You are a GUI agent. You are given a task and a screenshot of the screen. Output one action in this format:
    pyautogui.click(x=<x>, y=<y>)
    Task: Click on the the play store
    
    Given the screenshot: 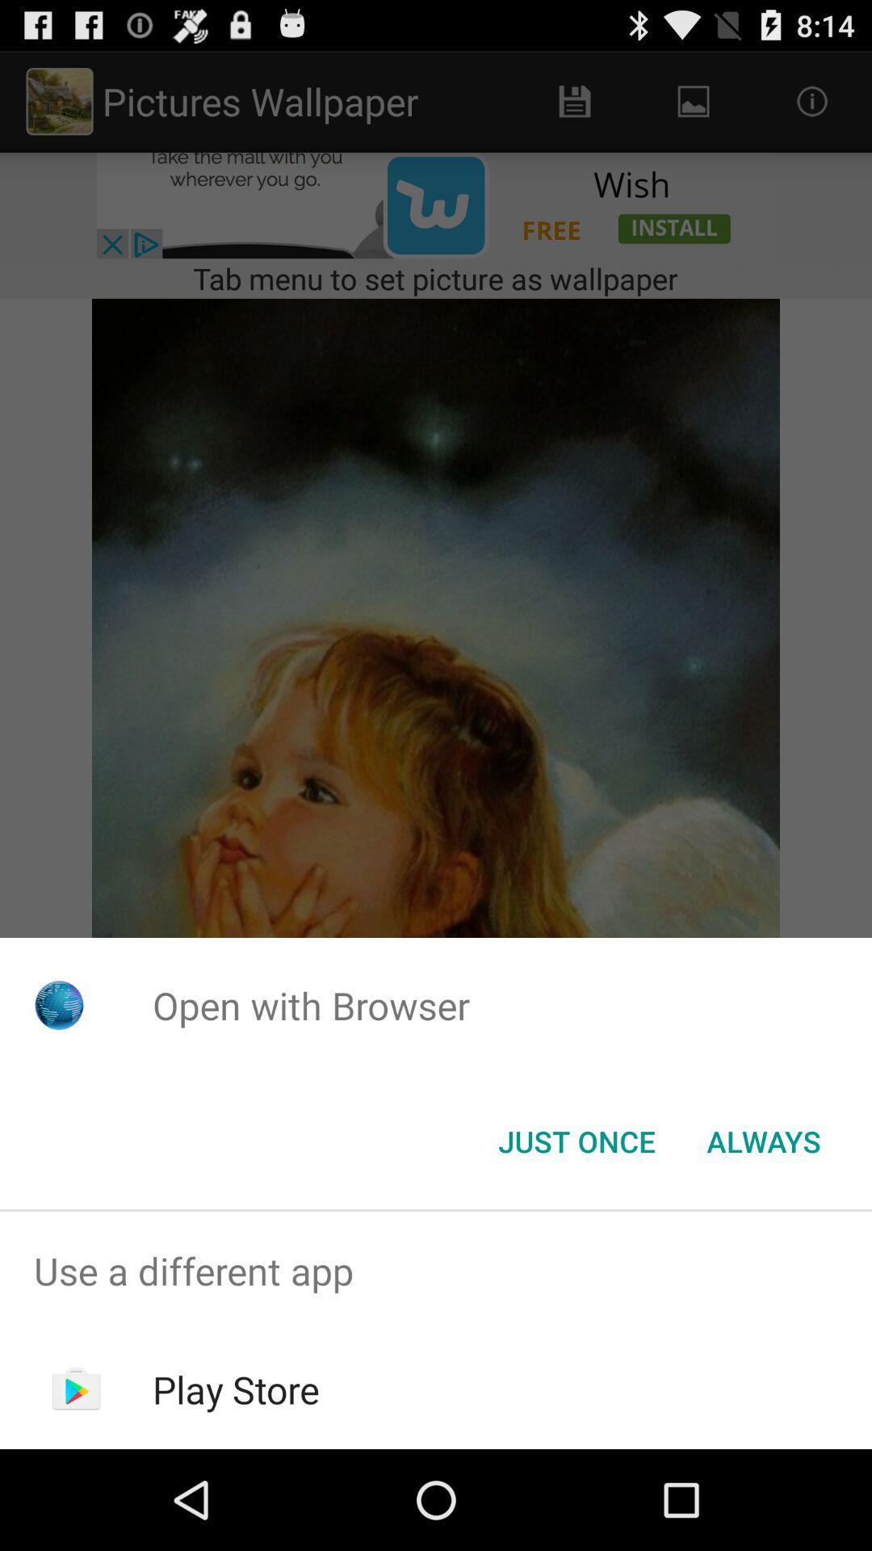 What is the action you would take?
    pyautogui.click(x=236, y=1389)
    